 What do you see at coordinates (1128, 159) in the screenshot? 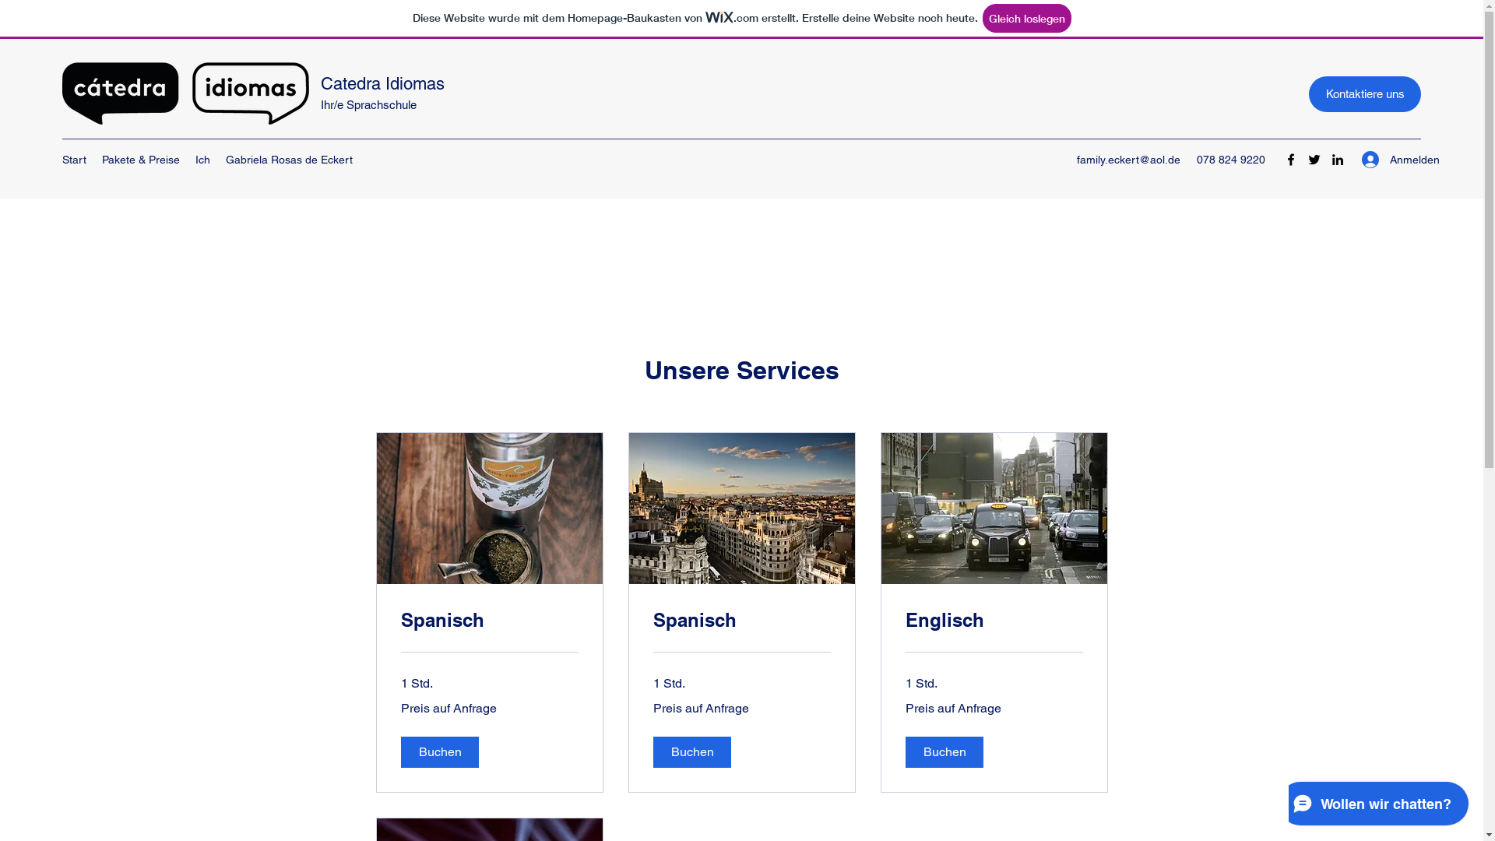
I see `'family.eckert@aol.de'` at bounding box center [1128, 159].